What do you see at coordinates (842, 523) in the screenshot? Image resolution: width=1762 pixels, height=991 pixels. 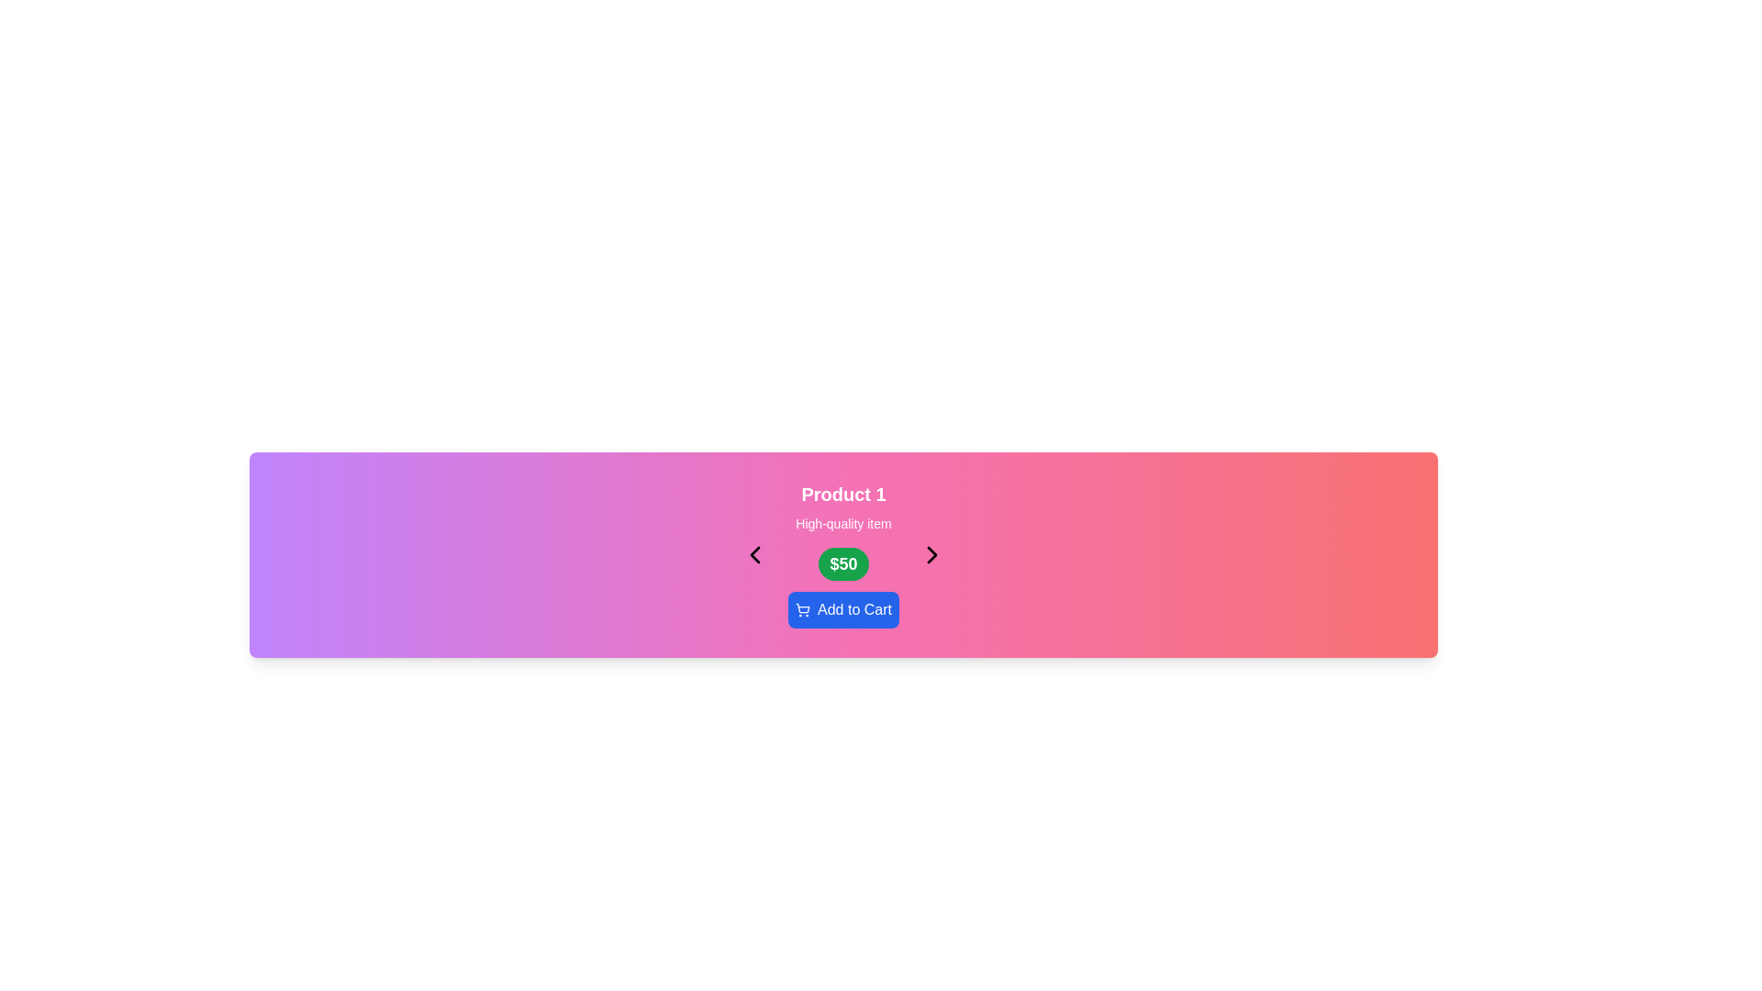 I see `the text label displaying 'High-quality item', which is styled in a small font size and aligned centrally within a vertical product layout` at bounding box center [842, 523].